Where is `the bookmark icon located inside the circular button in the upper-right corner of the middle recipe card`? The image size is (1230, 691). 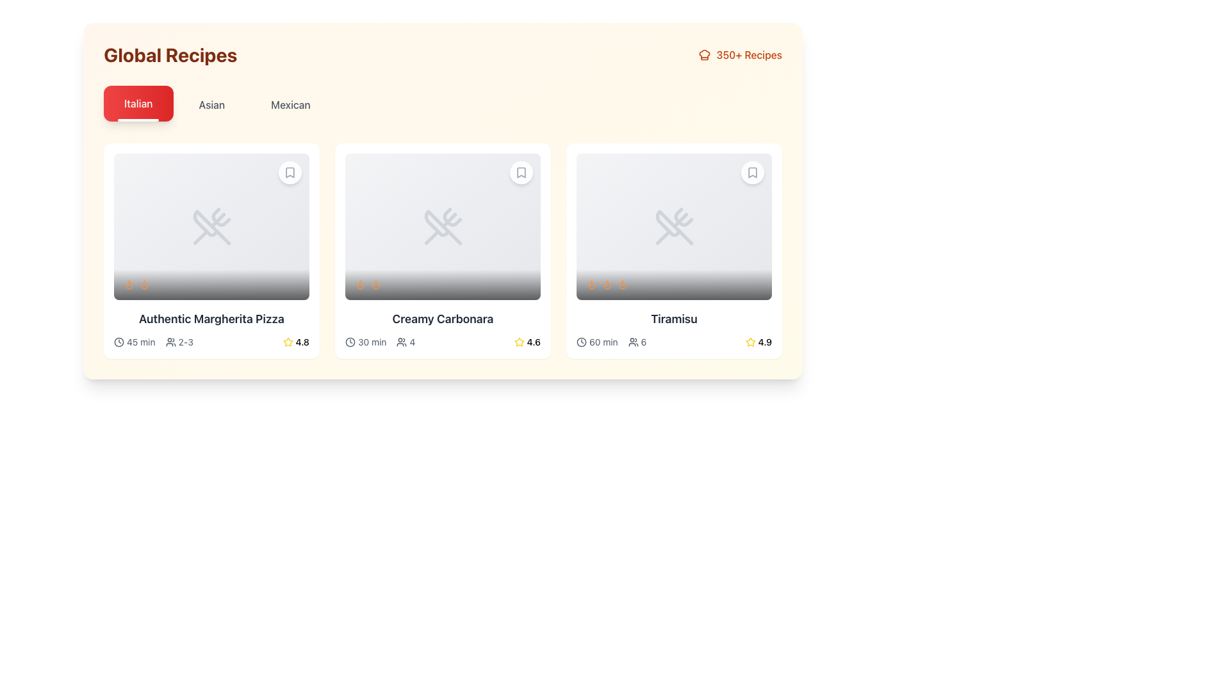
the bookmark icon located inside the circular button in the upper-right corner of the middle recipe card is located at coordinates (521, 173).